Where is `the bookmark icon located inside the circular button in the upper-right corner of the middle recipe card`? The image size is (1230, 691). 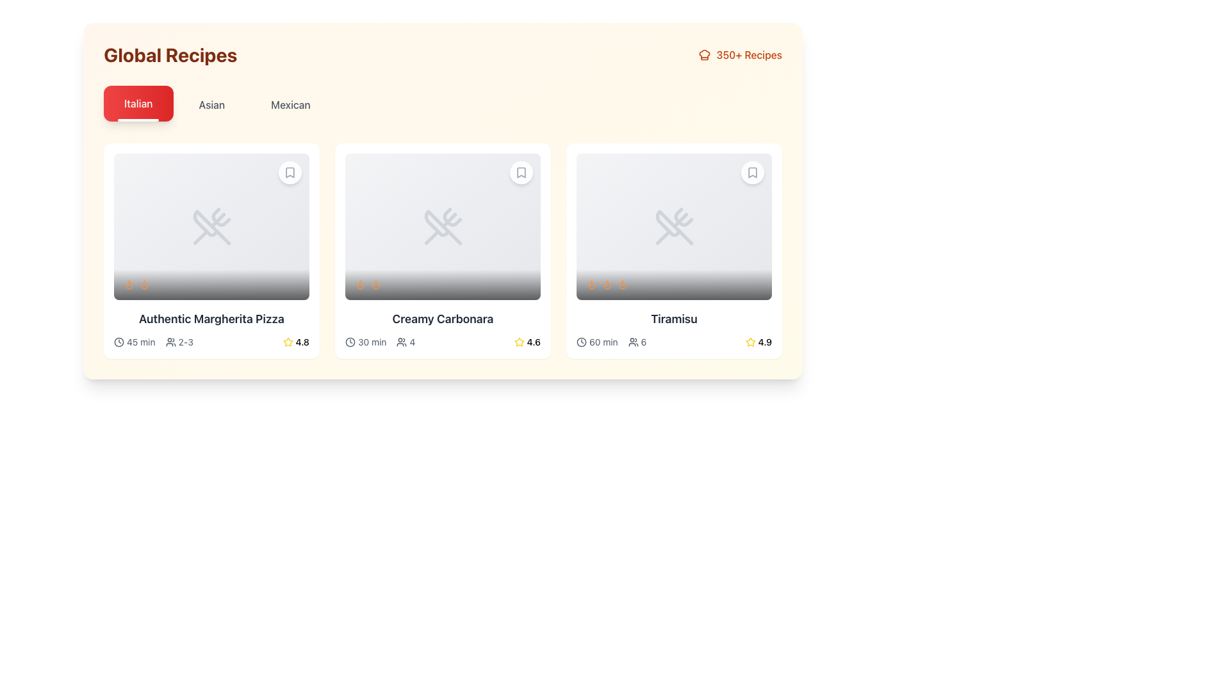
the bookmark icon located inside the circular button in the upper-right corner of the middle recipe card is located at coordinates (521, 173).